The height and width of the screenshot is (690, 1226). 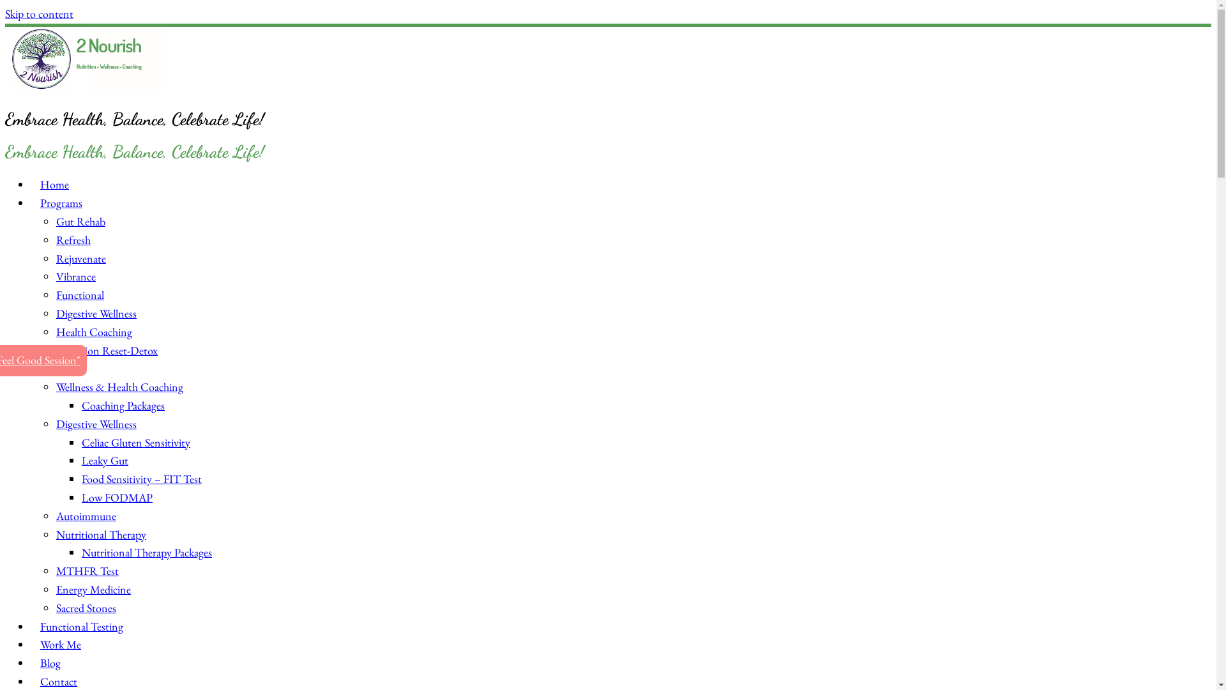 I want to click on 'Digestive Wellness', so click(x=95, y=424).